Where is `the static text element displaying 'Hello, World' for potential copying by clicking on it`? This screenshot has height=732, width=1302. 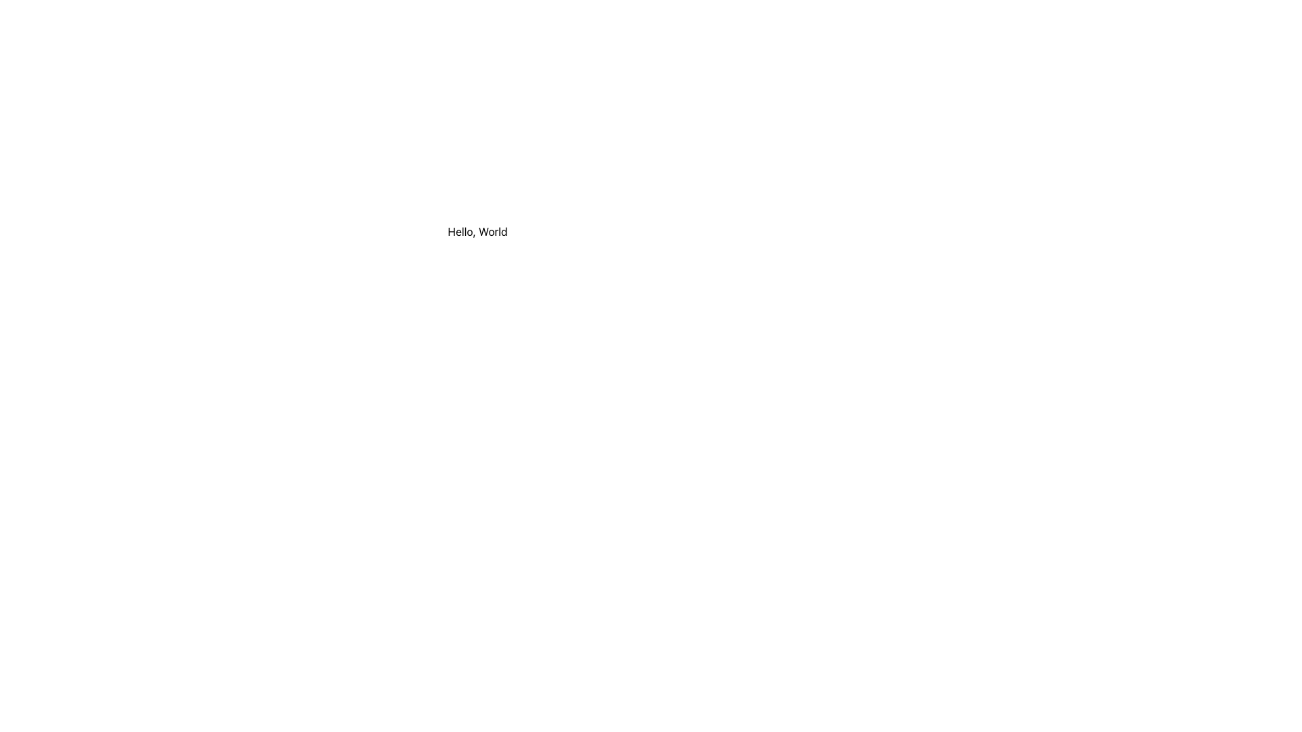 the static text element displaying 'Hello, World' for potential copying by clicking on it is located at coordinates (477, 231).